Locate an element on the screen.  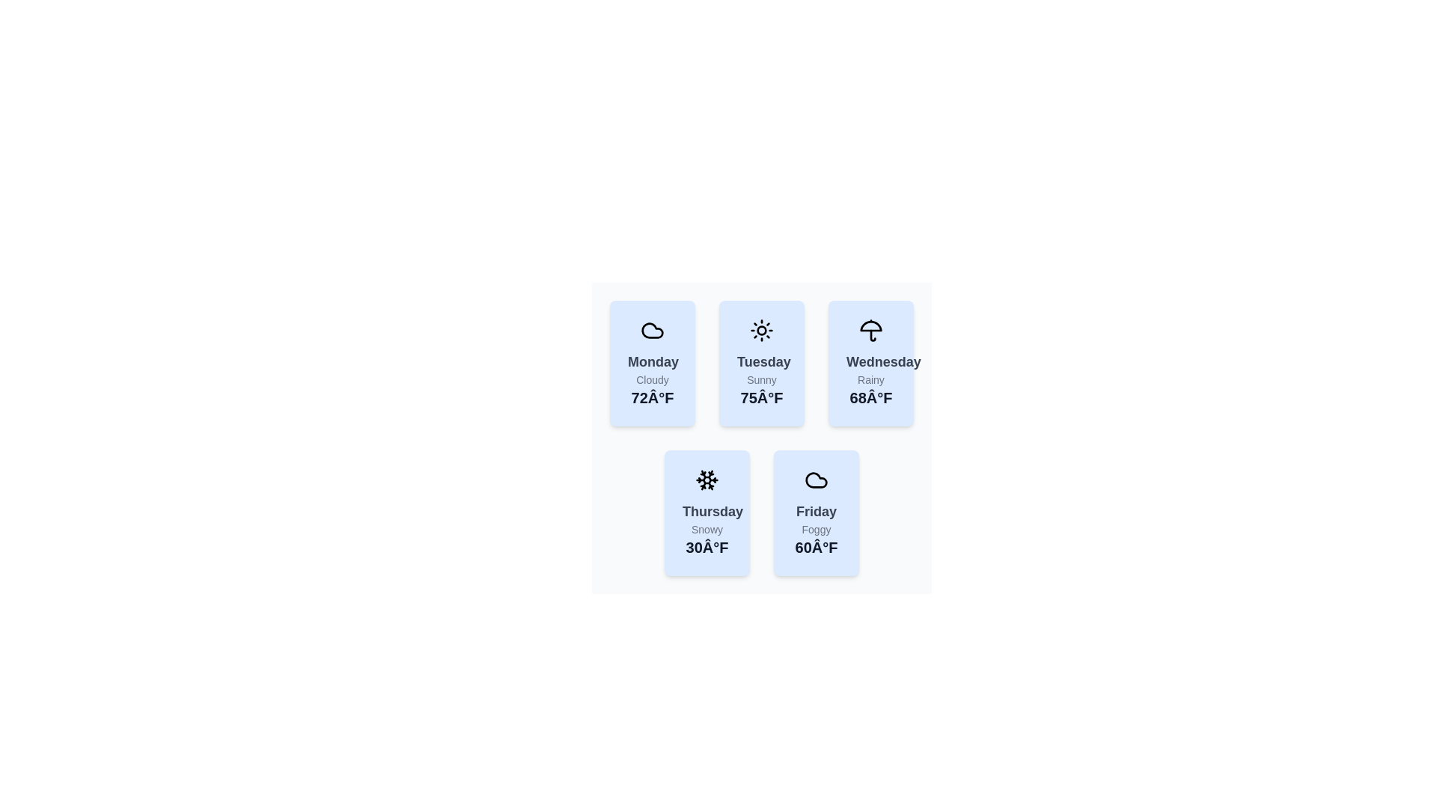
the text label displaying '72°F' in a large, bold font, located at the bottom center of the weather card for 'Monday' is located at coordinates (653, 397).